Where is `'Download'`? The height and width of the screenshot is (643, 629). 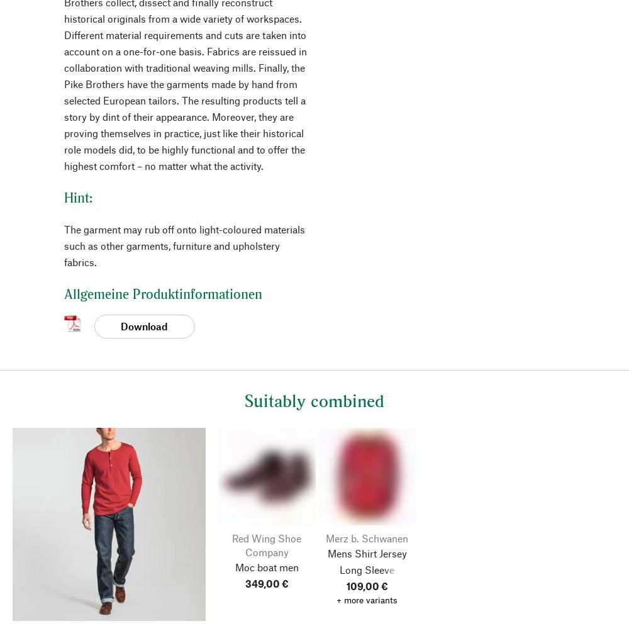 'Download' is located at coordinates (143, 325).